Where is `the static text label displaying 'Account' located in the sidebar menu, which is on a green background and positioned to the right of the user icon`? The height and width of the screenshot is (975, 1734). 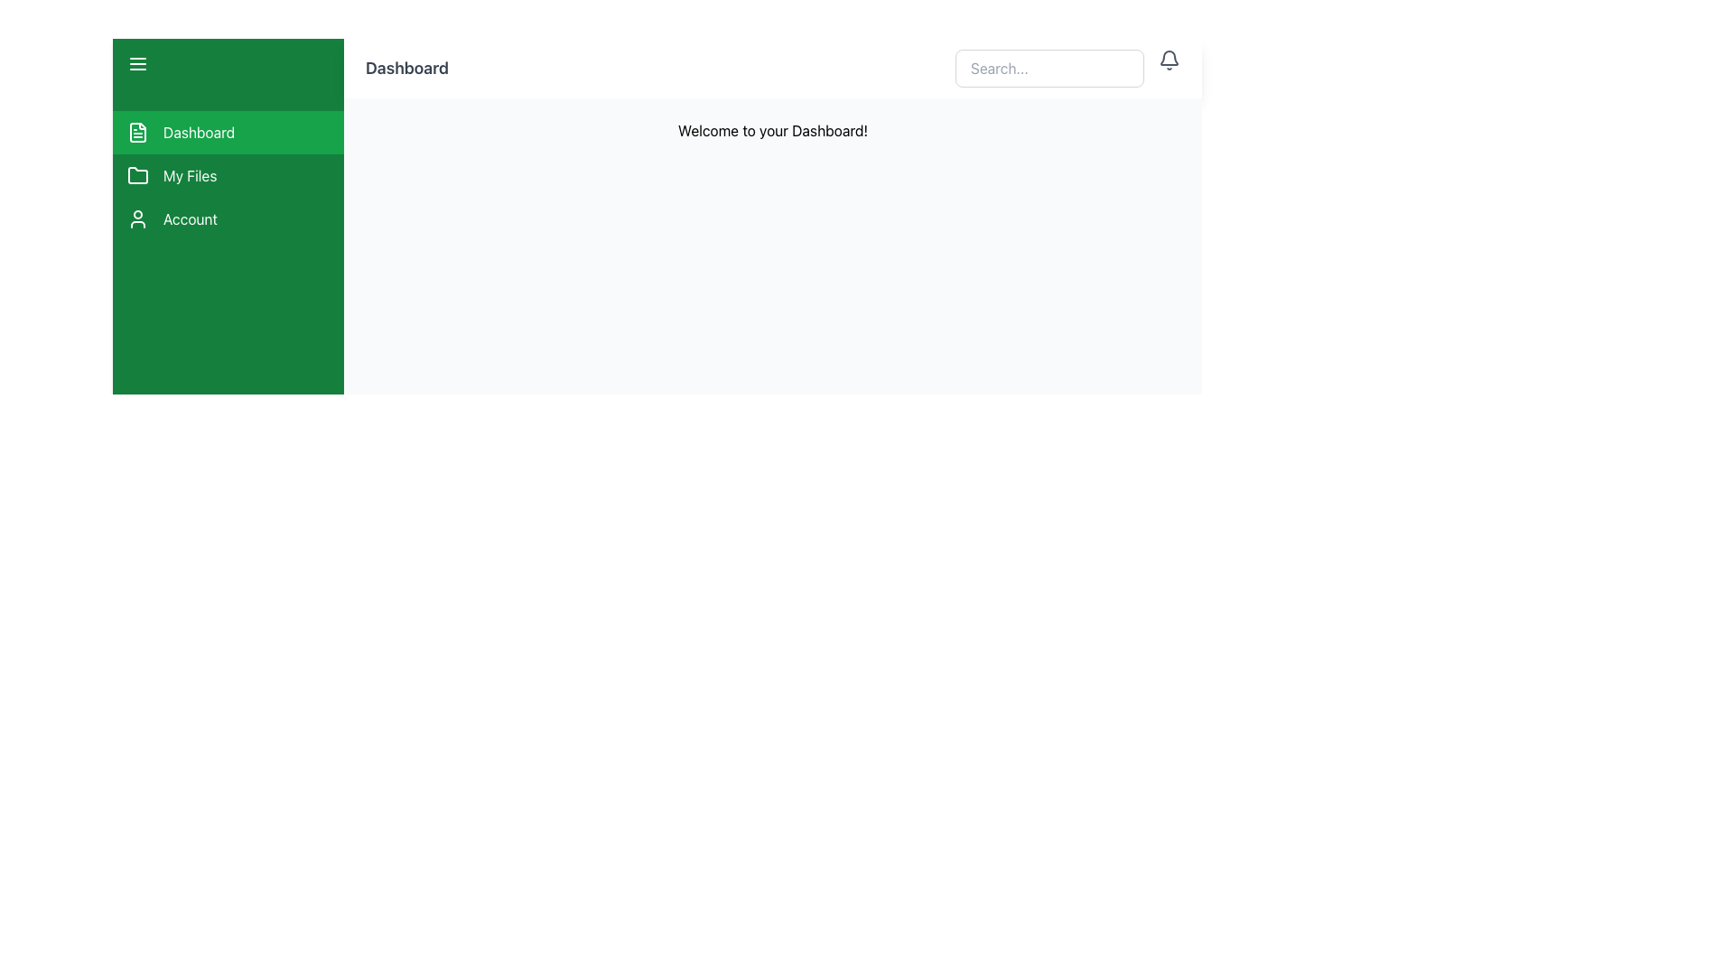
the static text label displaying 'Account' located in the sidebar menu, which is on a green background and positioned to the right of the user icon is located at coordinates (191, 218).